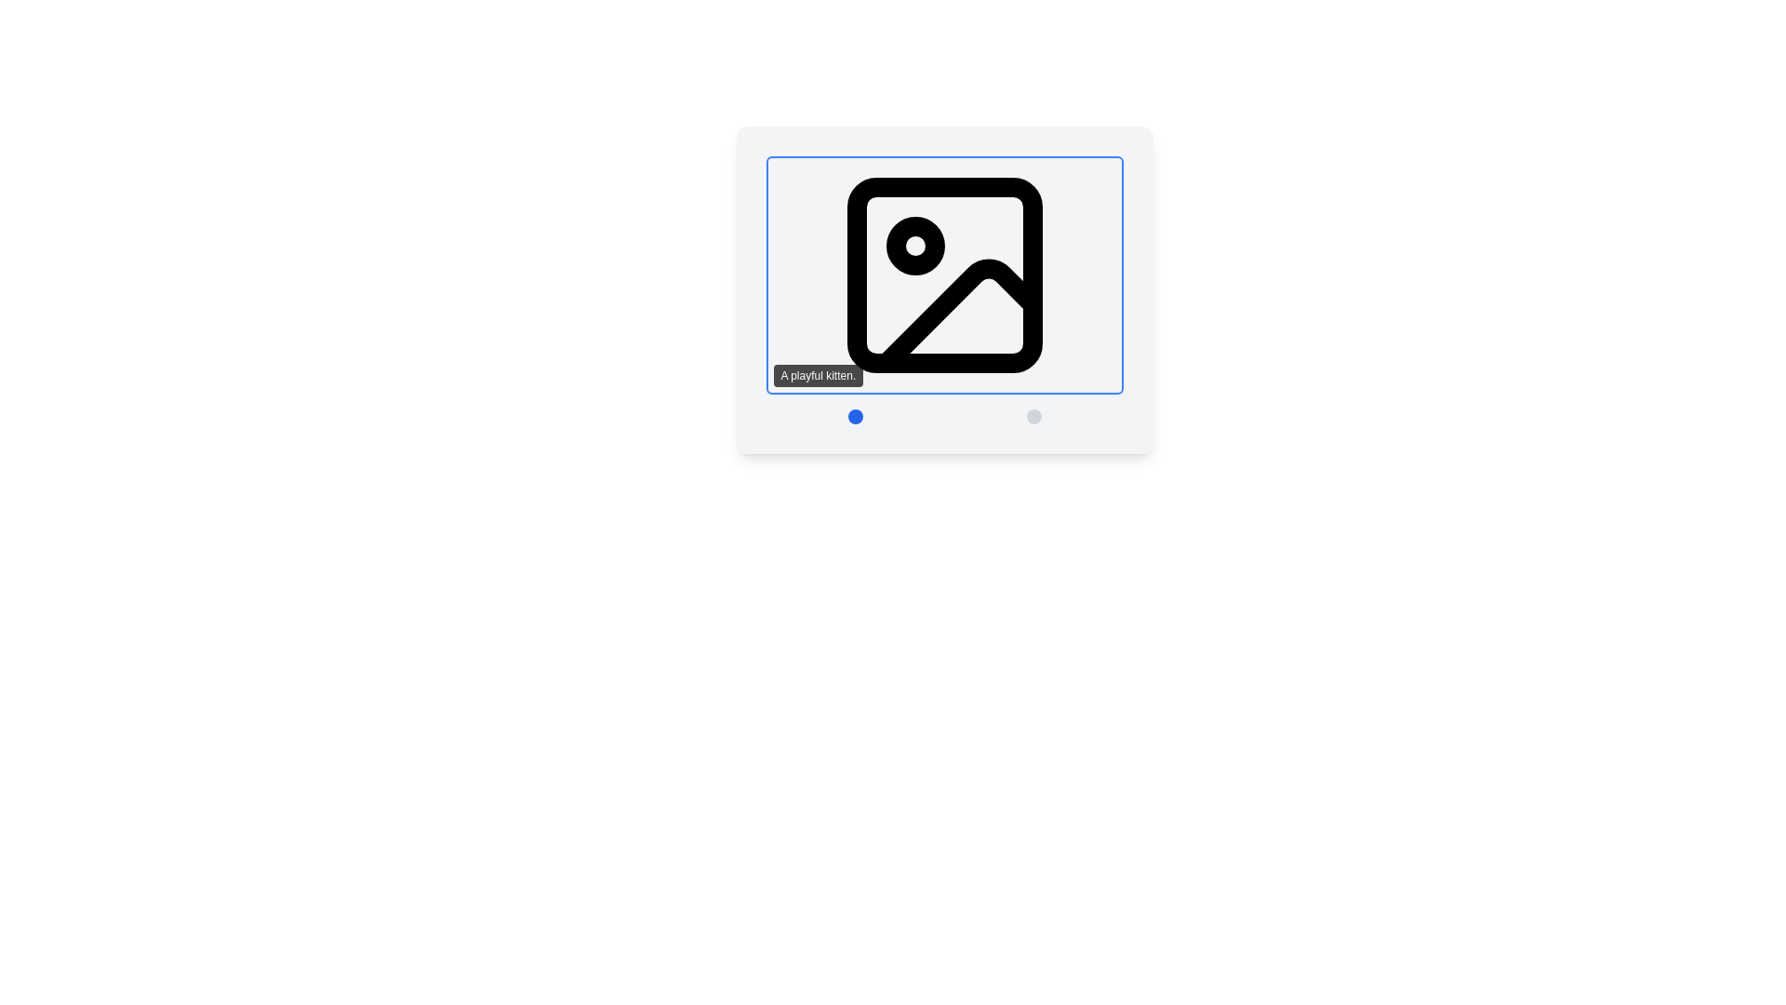 The width and height of the screenshot is (1786, 1005). I want to click on the first button in the lower central area of the interface to switch the displayed content to 'image 1', so click(854, 415).